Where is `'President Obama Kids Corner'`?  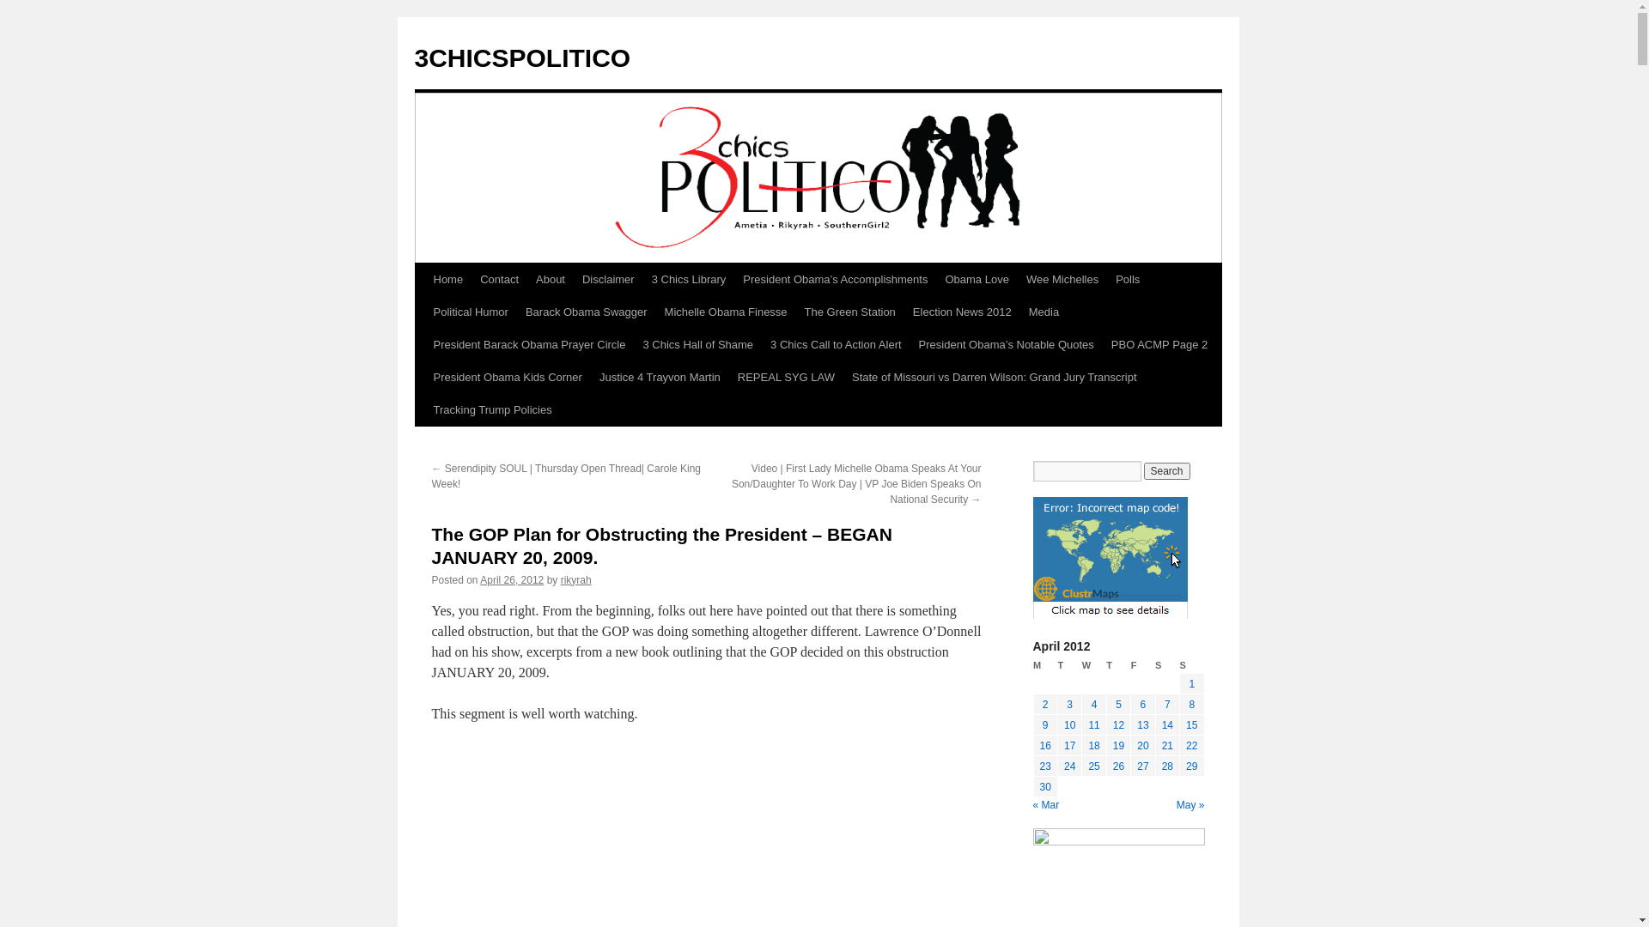
'President Obama Kids Corner' is located at coordinates (506, 376).